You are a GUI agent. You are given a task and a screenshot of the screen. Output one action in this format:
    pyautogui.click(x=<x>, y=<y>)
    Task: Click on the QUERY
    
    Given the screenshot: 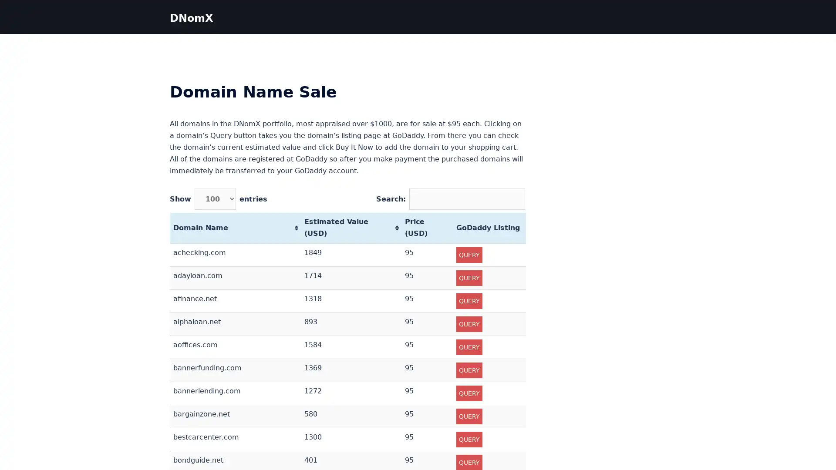 What is the action you would take?
    pyautogui.click(x=468, y=347)
    